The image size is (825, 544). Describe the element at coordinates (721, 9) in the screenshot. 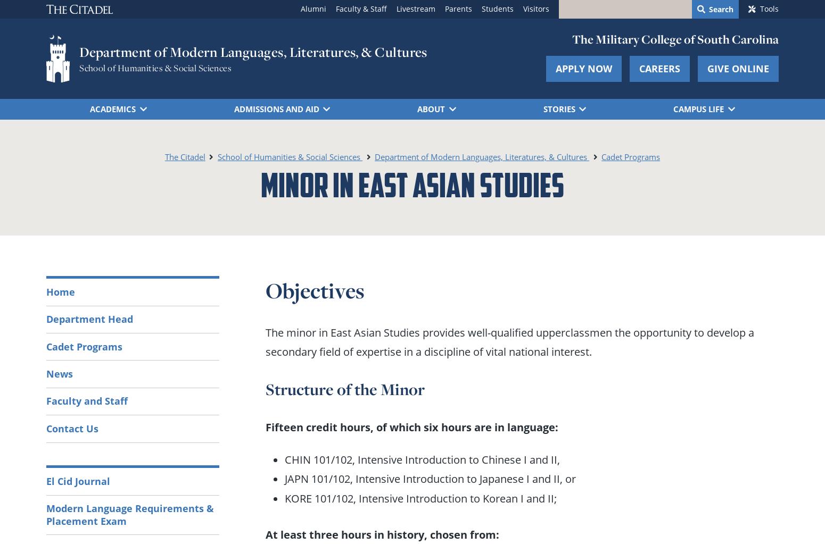

I see `'Search'` at that location.